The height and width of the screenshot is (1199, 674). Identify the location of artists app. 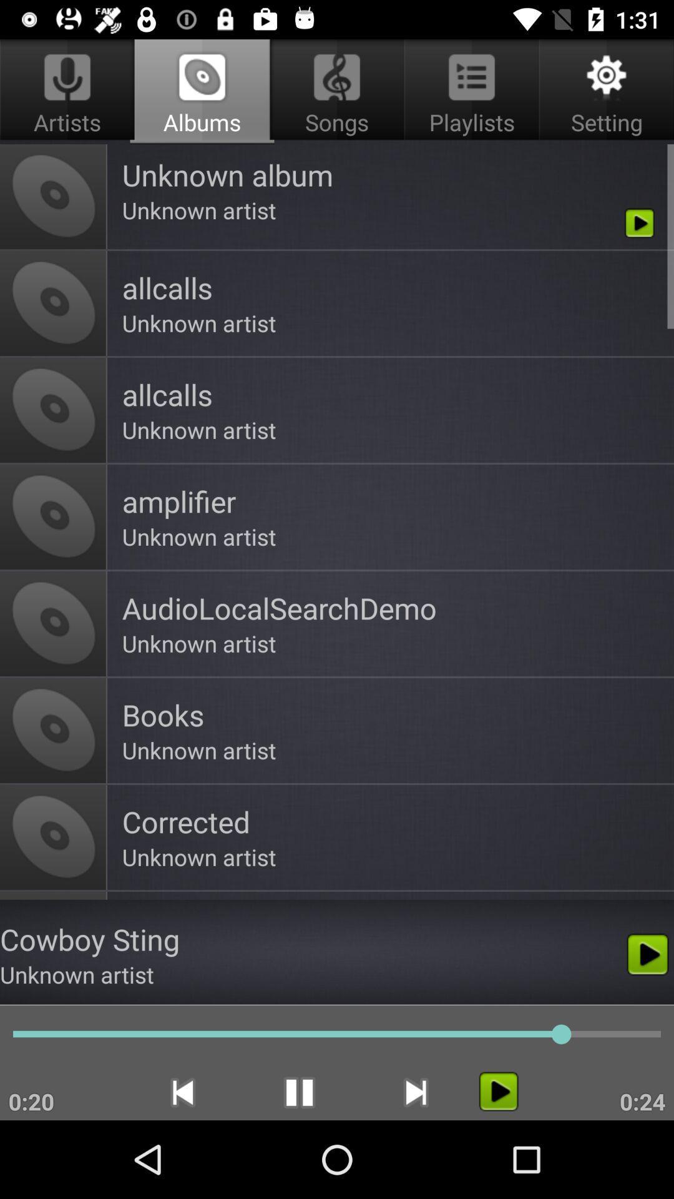
(69, 91).